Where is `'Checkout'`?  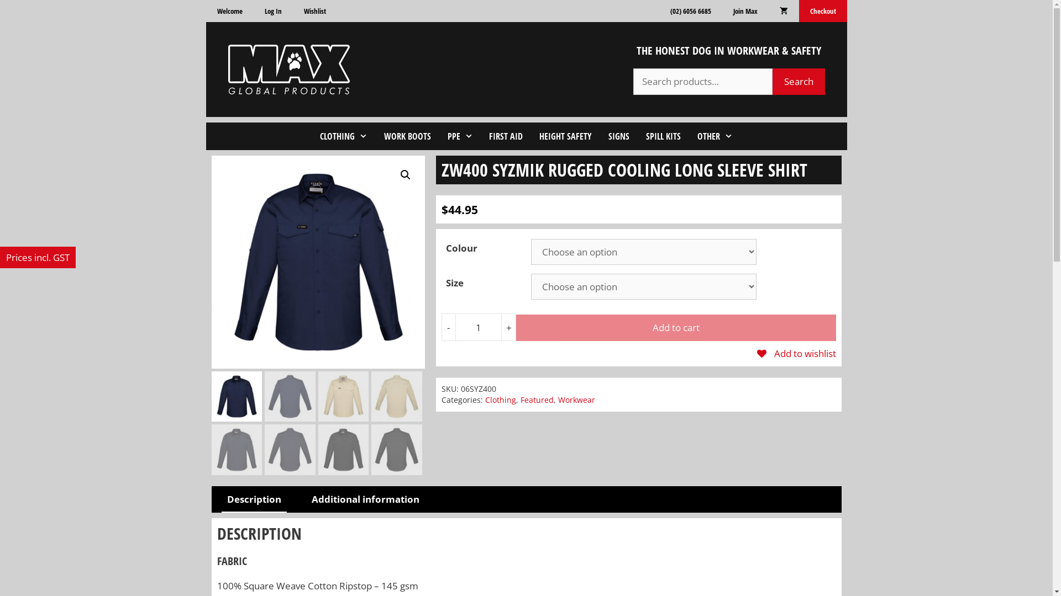
'Checkout' is located at coordinates (799, 10).